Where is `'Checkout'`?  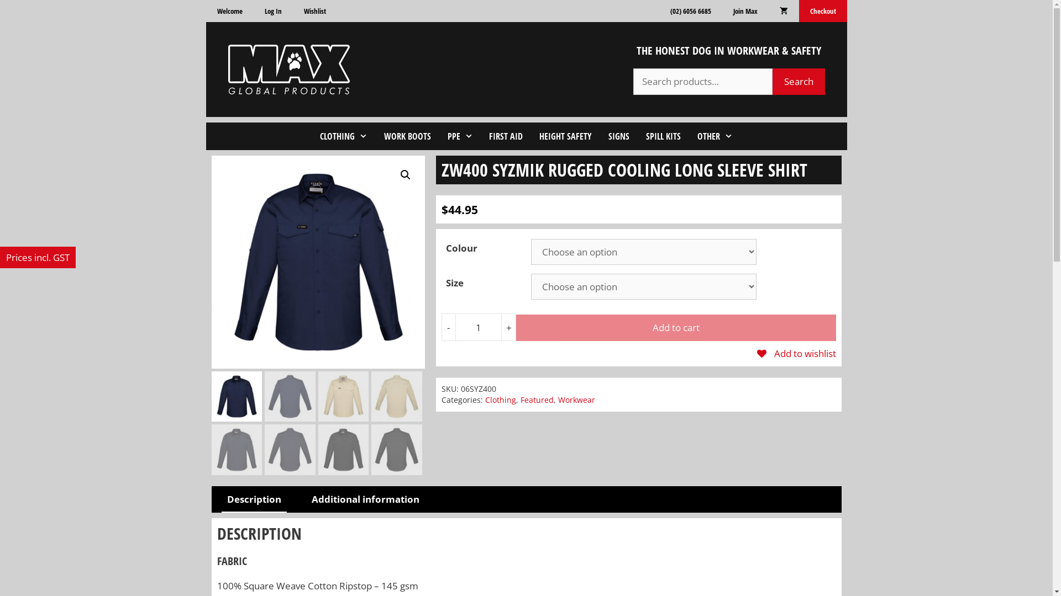
'Checkout' is located at coordinates (799, 10).